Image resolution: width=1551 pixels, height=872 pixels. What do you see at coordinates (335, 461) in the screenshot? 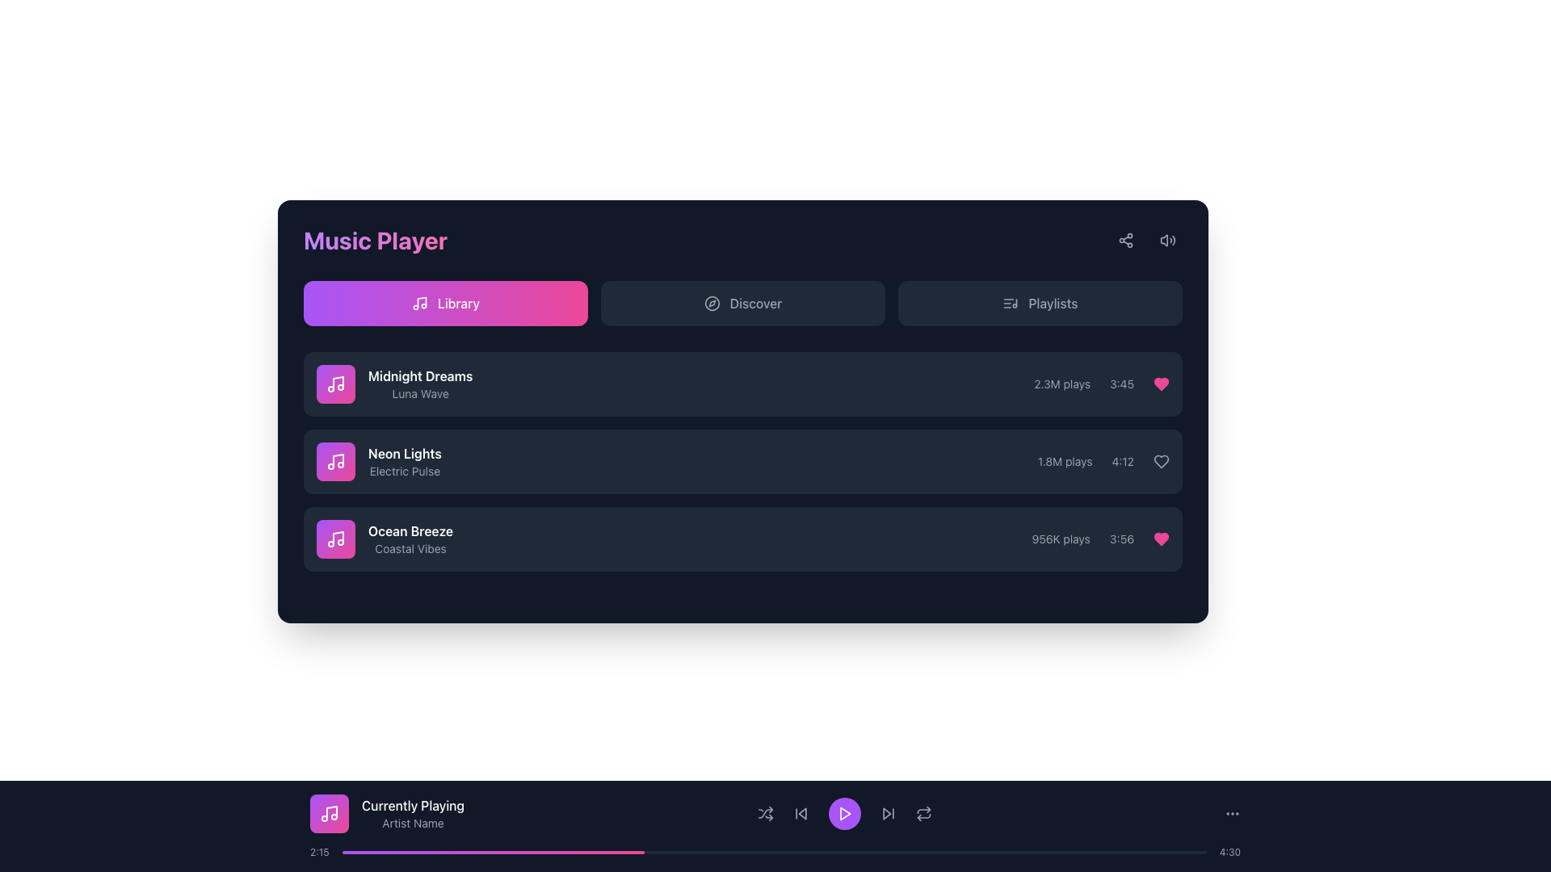
I see `the music icon located in the top-left section of the 'Midnight Dreams' entry in the main panel` at bounding box center [335, 461].